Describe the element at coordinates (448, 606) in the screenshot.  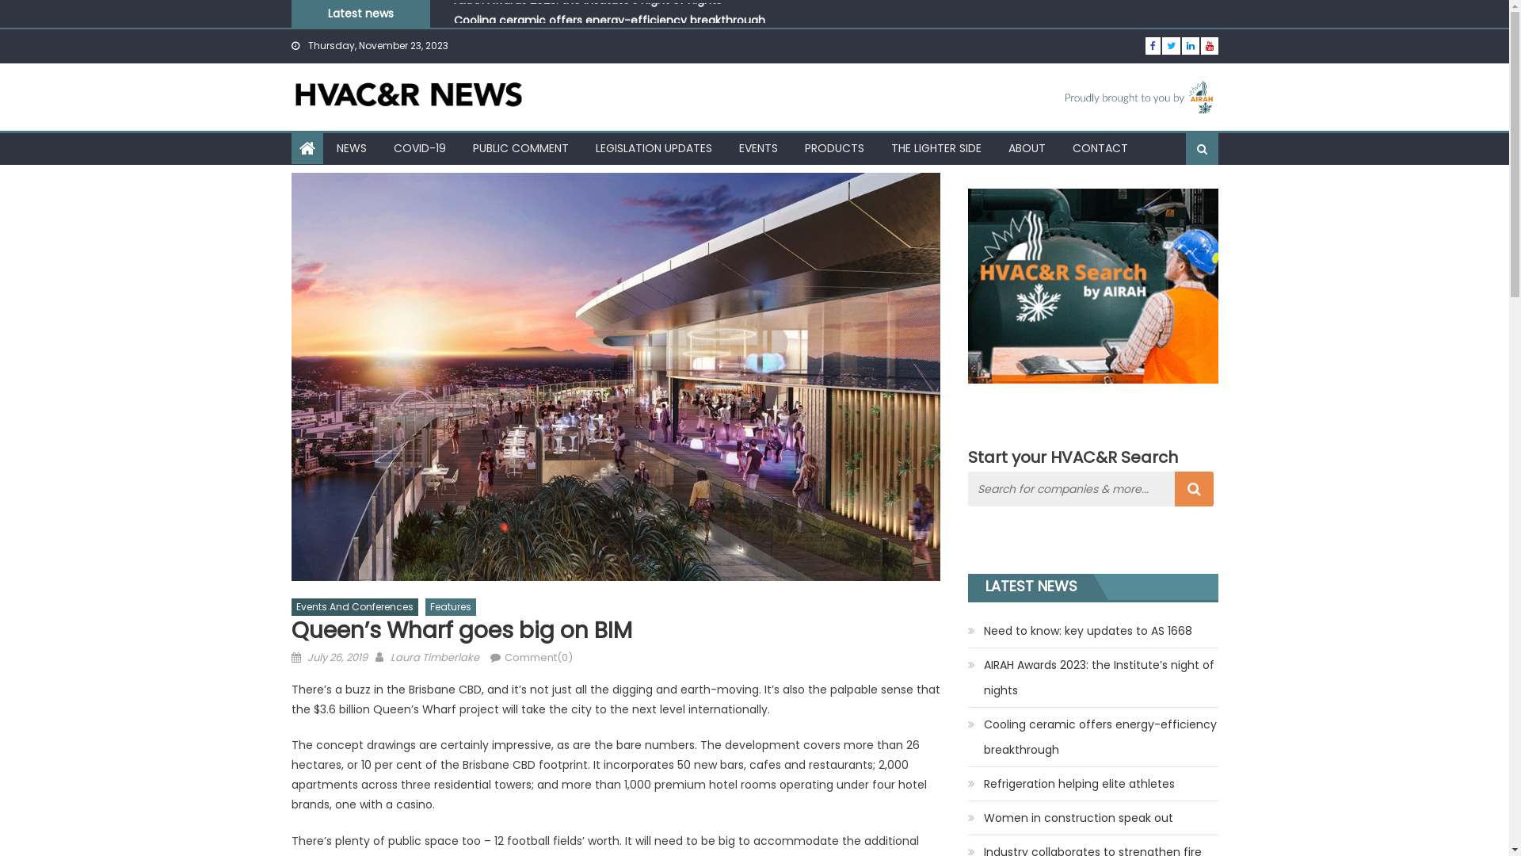
I see `'Features'` at that location.